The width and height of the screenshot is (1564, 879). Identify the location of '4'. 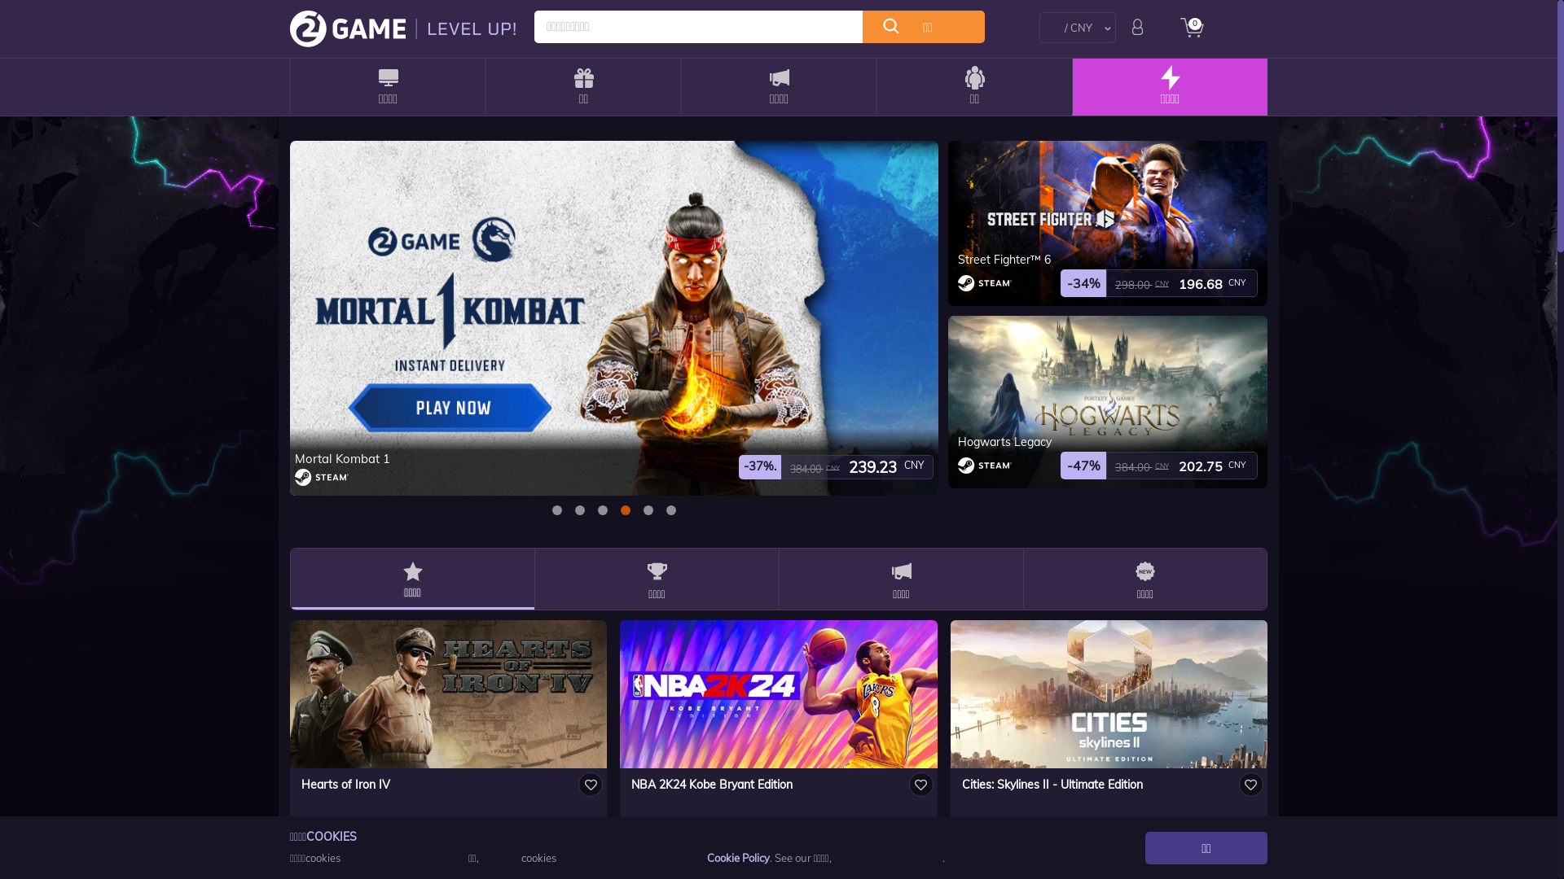
(648, 509).